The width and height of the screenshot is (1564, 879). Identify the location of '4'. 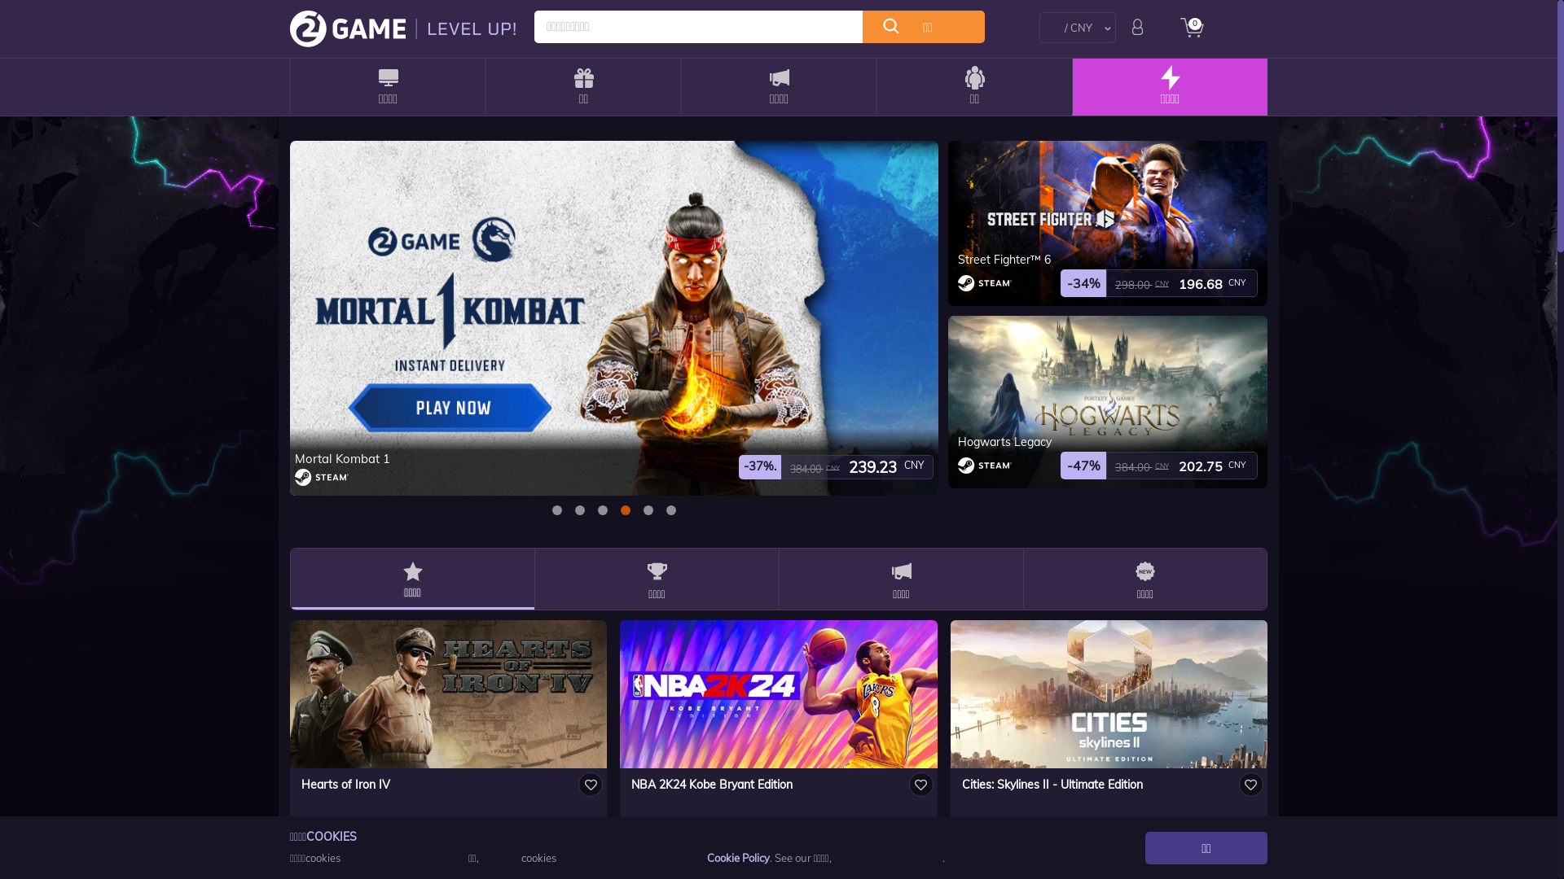
(648, 509).